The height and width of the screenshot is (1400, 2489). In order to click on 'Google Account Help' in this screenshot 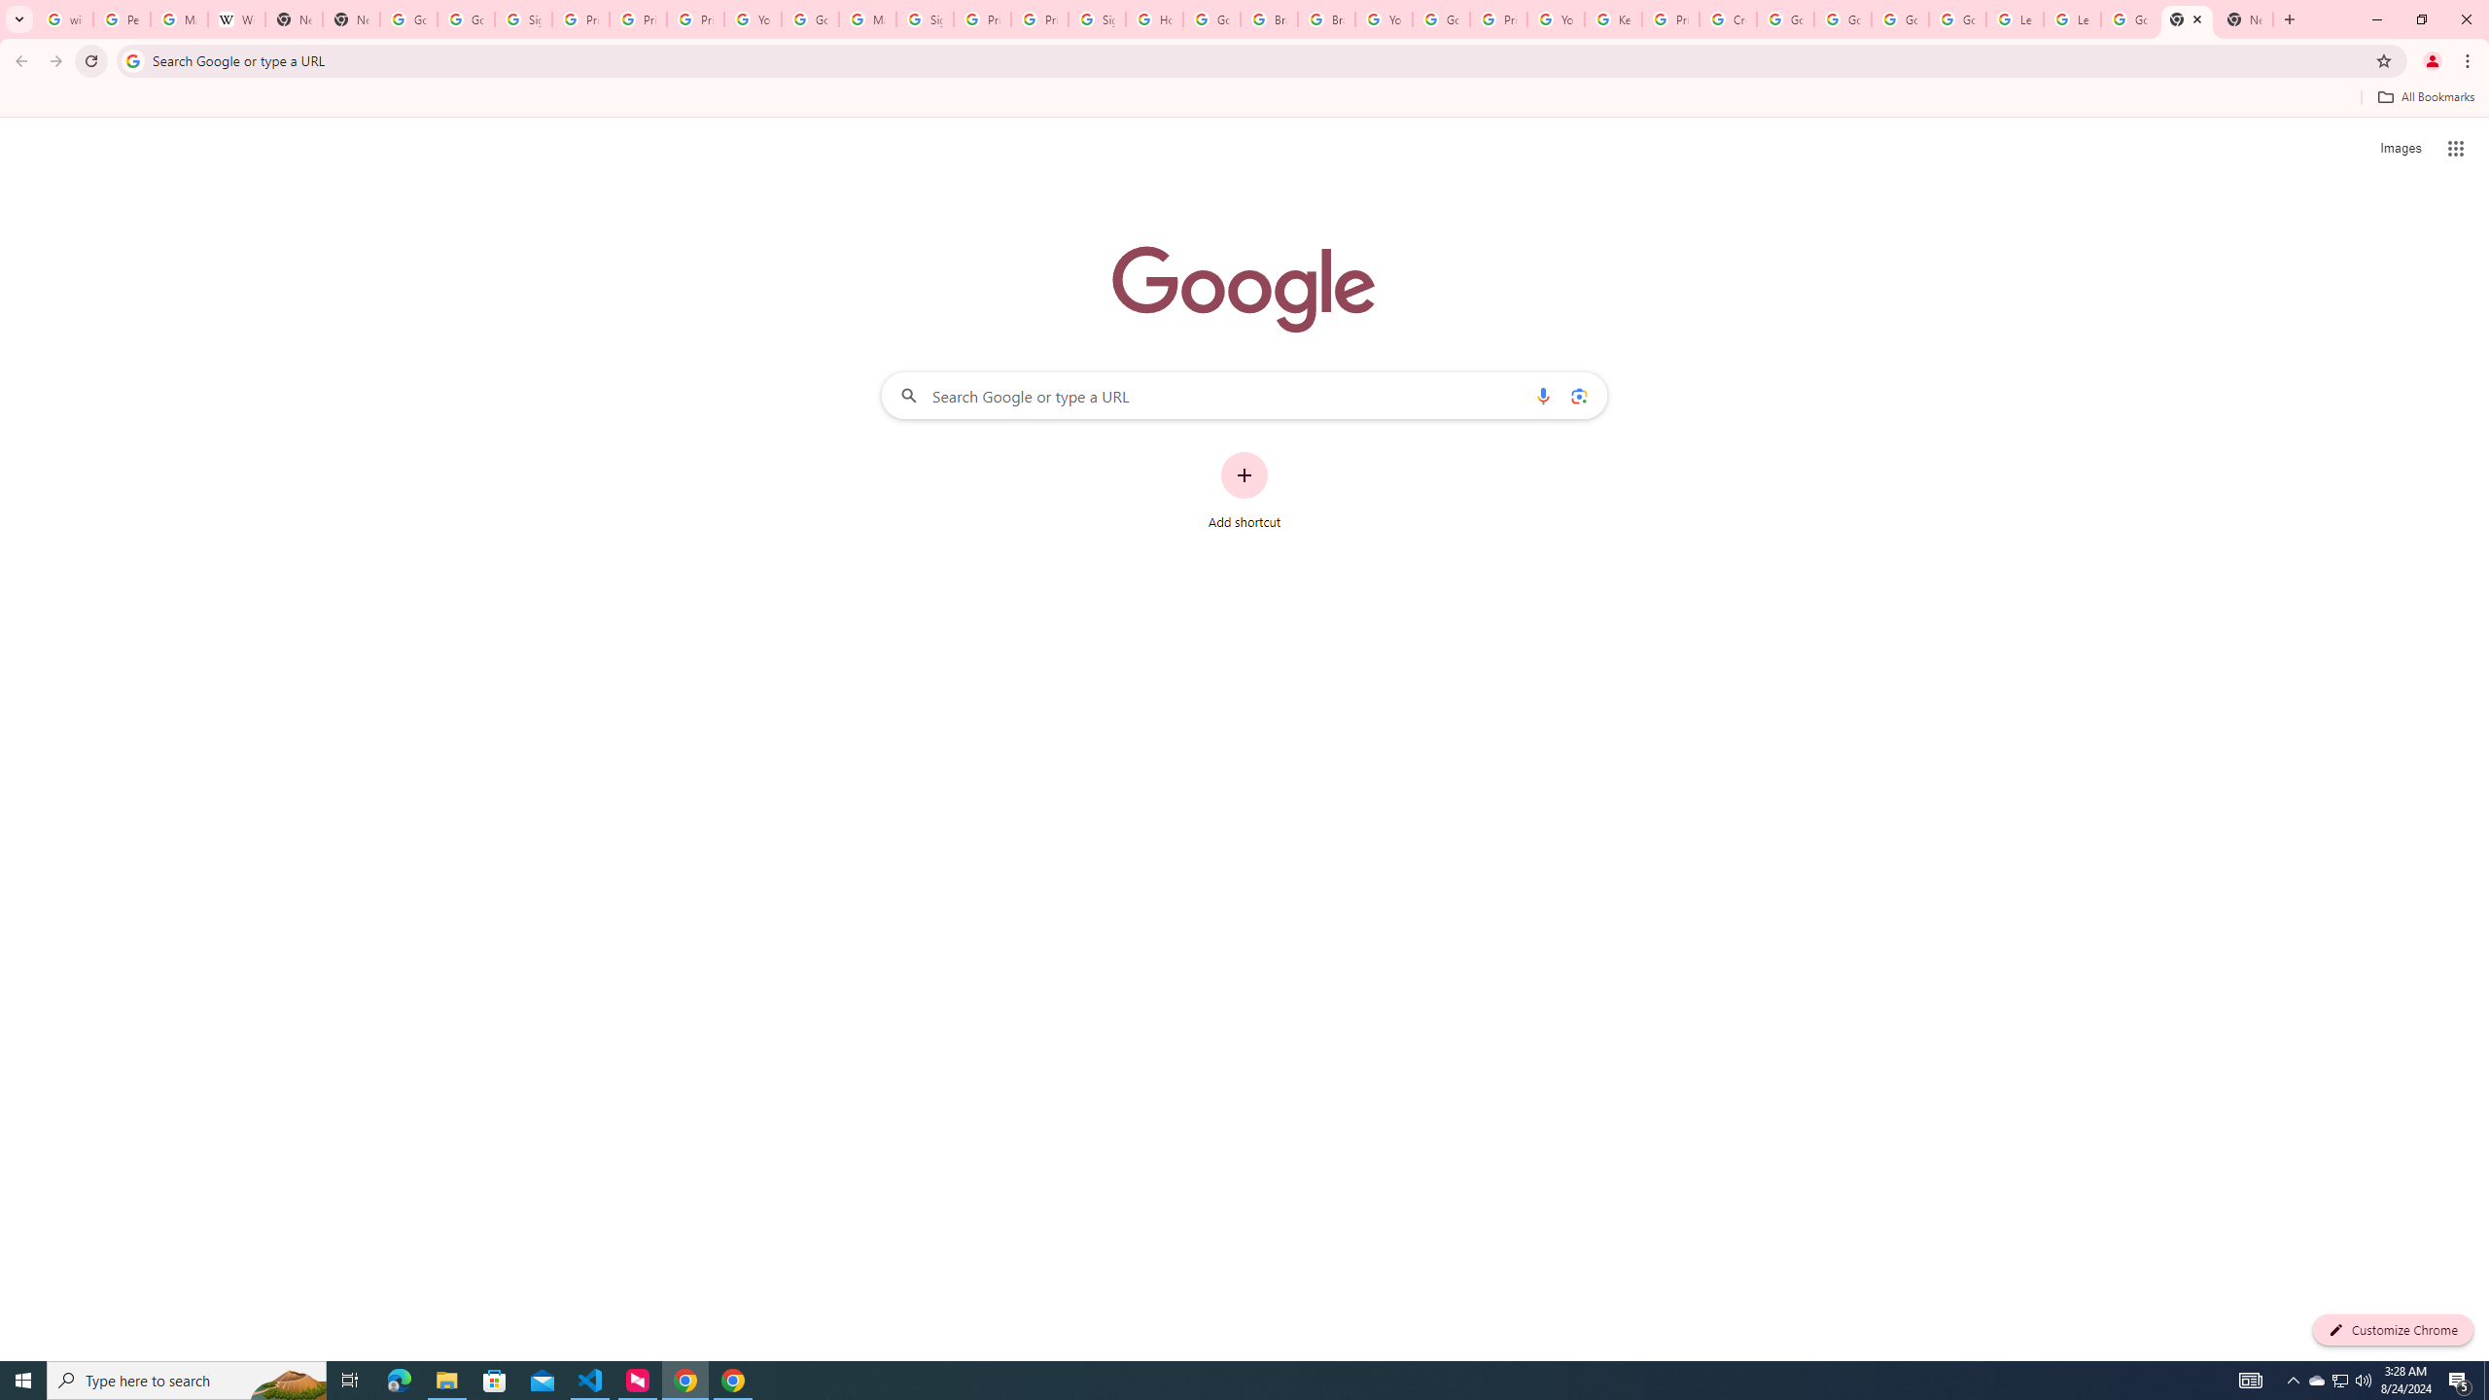, I will do `click(1899, 18)`.